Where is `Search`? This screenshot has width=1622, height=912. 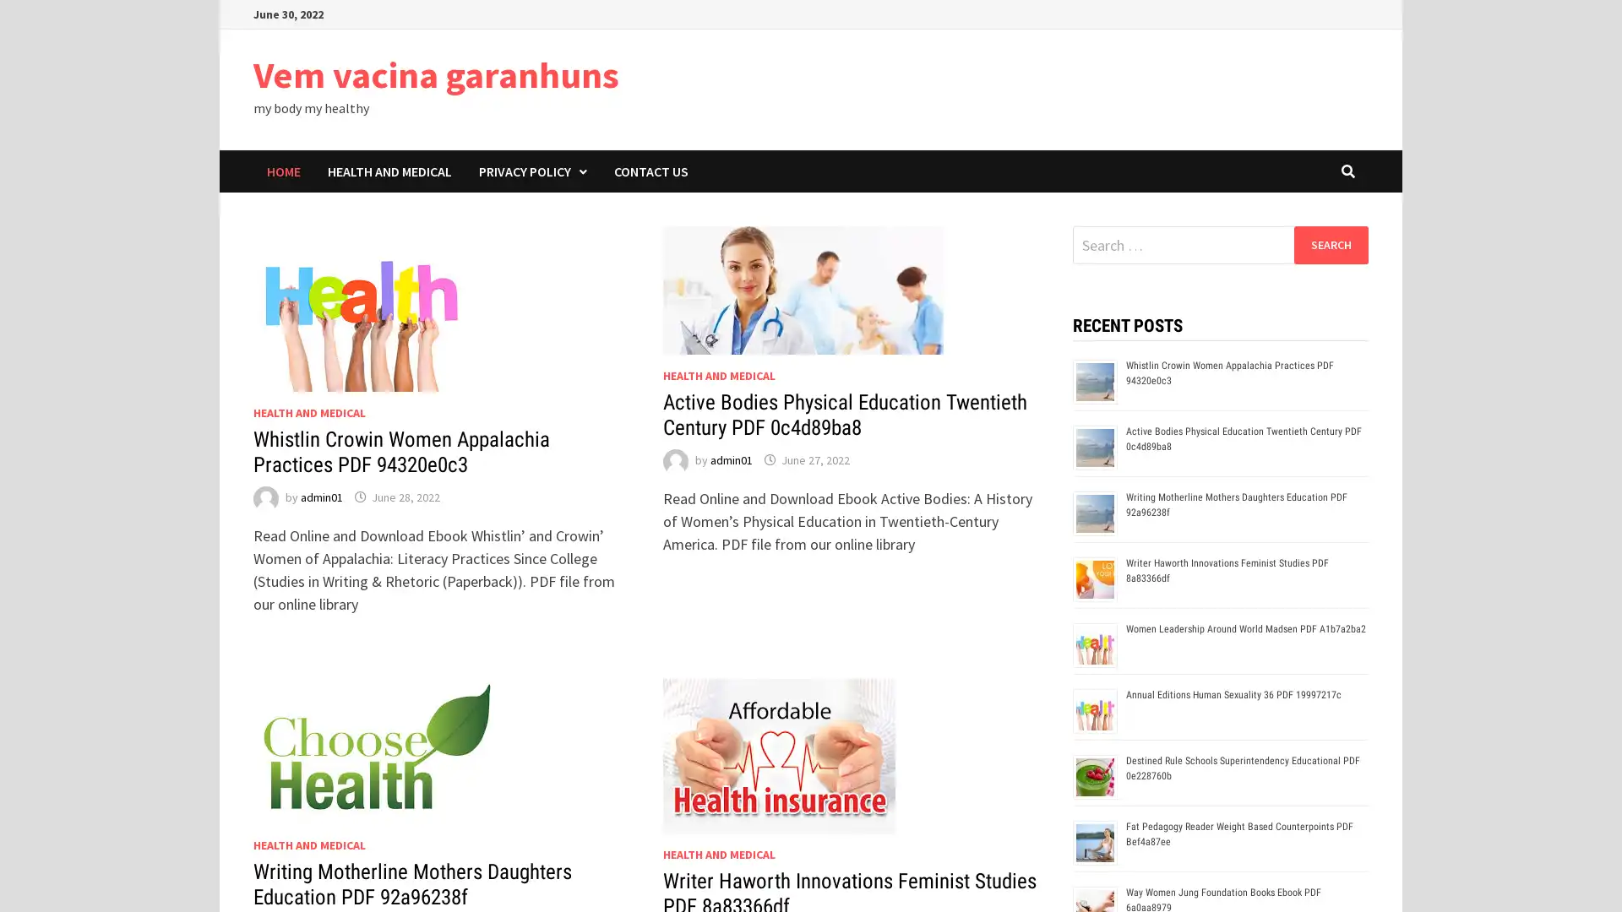
Search is located at coordinates (1330, 244).